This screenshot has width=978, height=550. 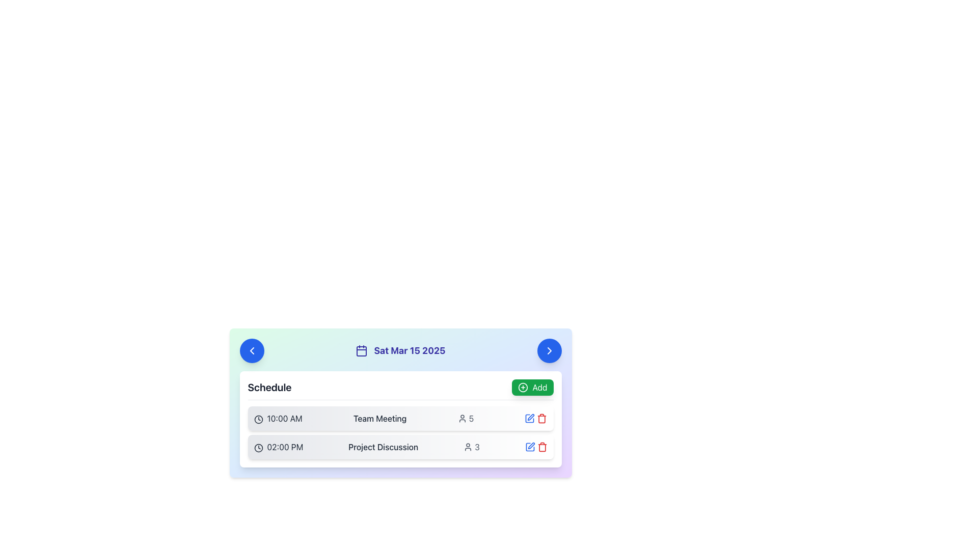 What do you see at coordinates (362, 350) in the screenshot?
I see `the calendar icon located on the left side of the row displaying the date 'Sat Mar 15 2025'` at bounding box center [362, 350].